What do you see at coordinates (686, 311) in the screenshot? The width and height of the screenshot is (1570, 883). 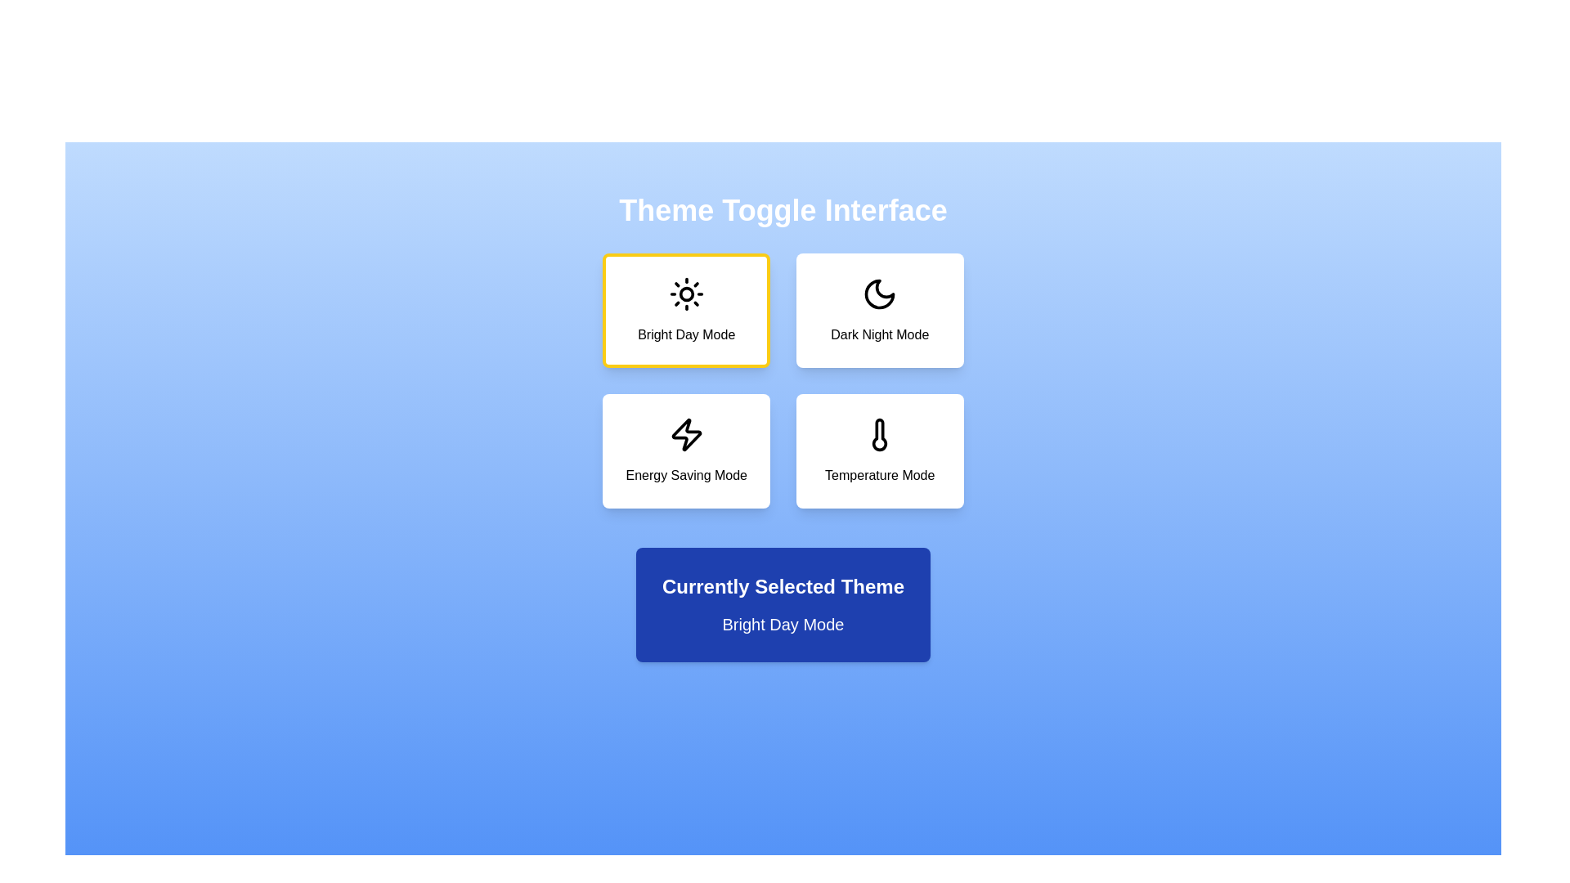 I see `the theme Bright Day Mode by clicking its button` at bounding box center [686, 311].